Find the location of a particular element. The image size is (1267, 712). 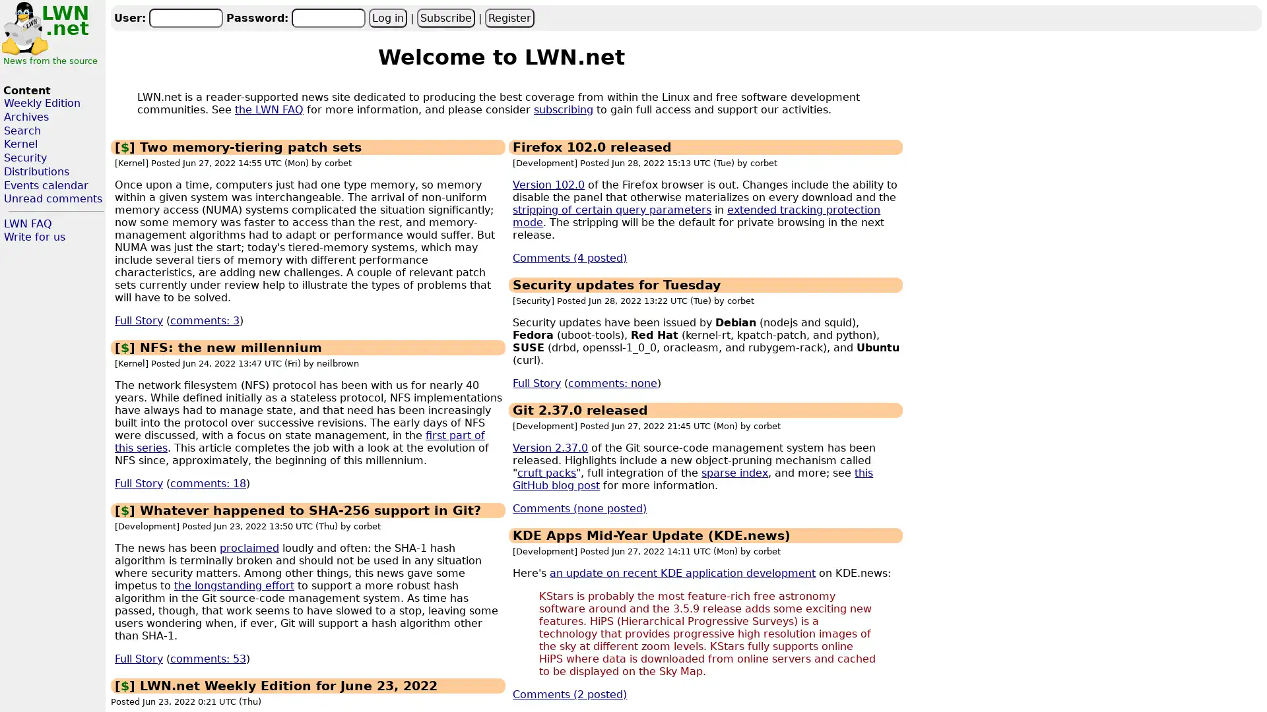

Log in is located at coordinates (386, 17).